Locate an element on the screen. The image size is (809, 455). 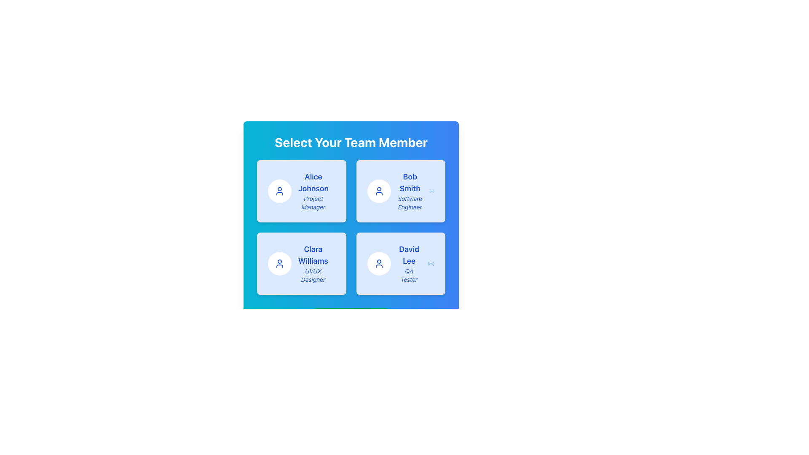
the static text element displaying 'Alice Johnson', which is the first line of text in the card located in the top-left corner of the grid is located at coordinates (313, 182).